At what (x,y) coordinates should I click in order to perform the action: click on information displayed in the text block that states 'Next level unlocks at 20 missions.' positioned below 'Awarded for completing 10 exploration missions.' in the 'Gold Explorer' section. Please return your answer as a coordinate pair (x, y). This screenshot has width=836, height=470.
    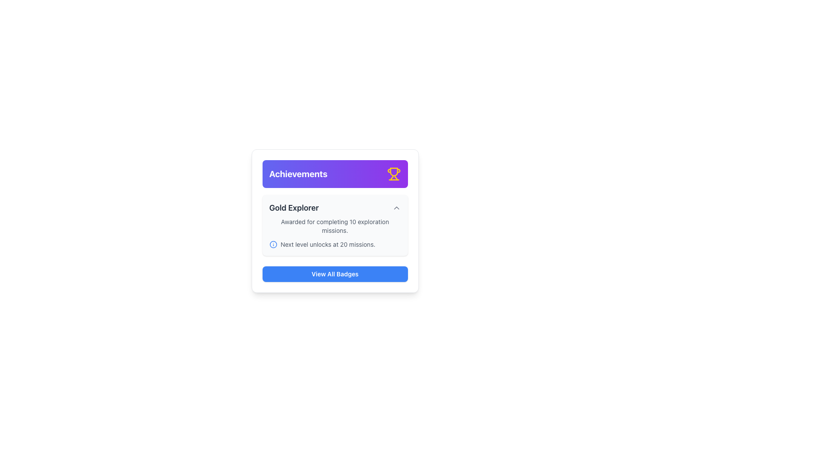
    Looking at the image, I should click on (334, 245).